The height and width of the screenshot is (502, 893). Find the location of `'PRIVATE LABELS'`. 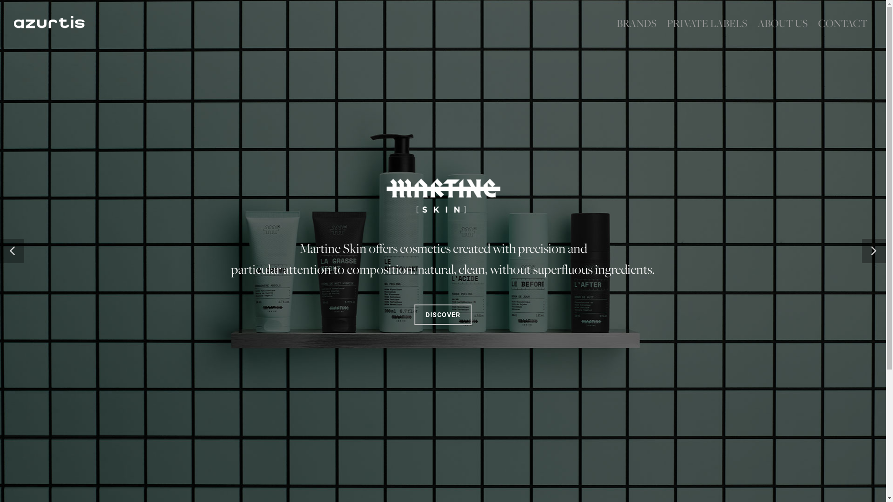

'PRIVATE LABELS' is located at coordinates (662, 23).